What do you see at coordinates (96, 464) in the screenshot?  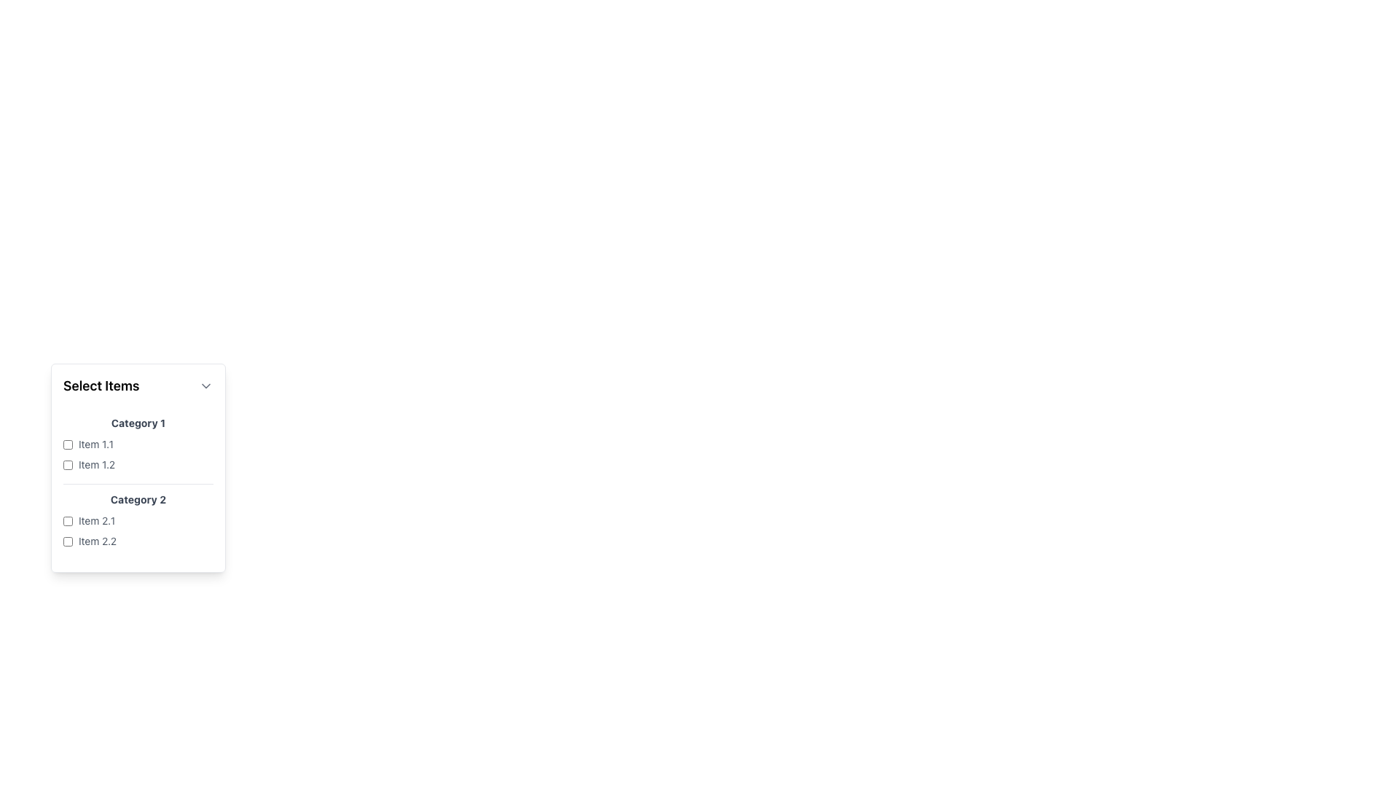 I see `the 'Item 1.2' label, which is styled in a small gray font and located to the right of a checkbox as the second item under the 'Category 1' section` at bounding box center [96, 464].